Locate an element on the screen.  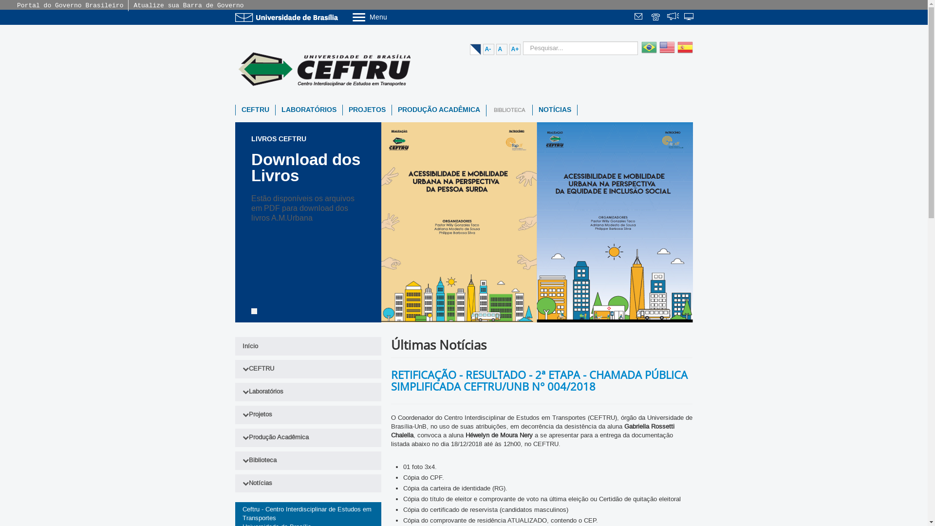
'A-' is located at coordinates (488, 49).